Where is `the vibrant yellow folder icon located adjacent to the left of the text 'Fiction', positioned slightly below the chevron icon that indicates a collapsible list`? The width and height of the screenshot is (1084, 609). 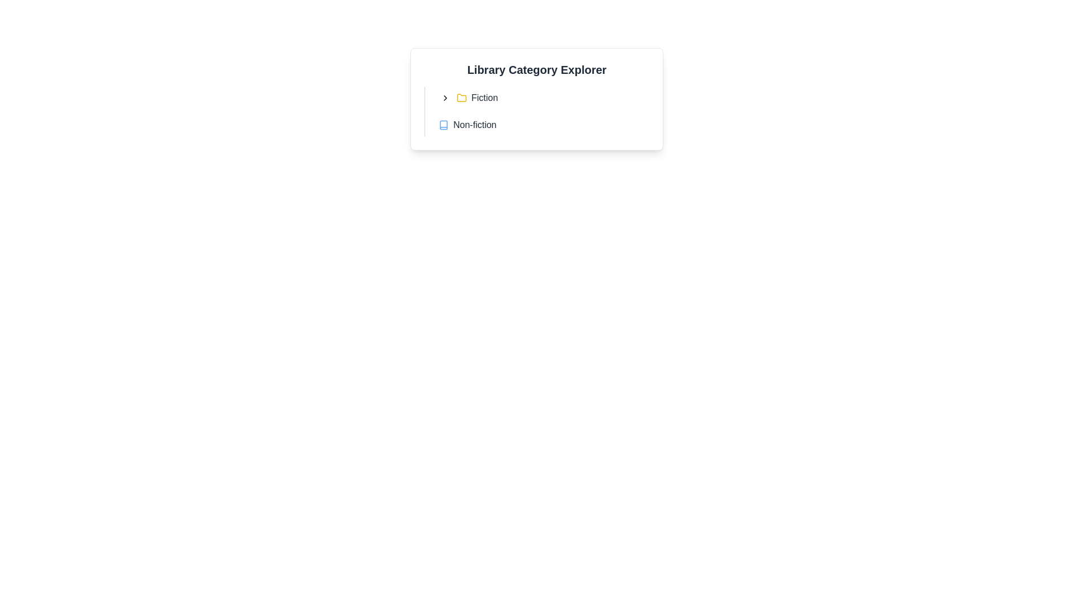 the vibrant yellow folder icon located adjacent to the left of the text 'Fiction', positioned slightly below the chevron icon that indicates a collapsible list is located at coordinates (461, 97).